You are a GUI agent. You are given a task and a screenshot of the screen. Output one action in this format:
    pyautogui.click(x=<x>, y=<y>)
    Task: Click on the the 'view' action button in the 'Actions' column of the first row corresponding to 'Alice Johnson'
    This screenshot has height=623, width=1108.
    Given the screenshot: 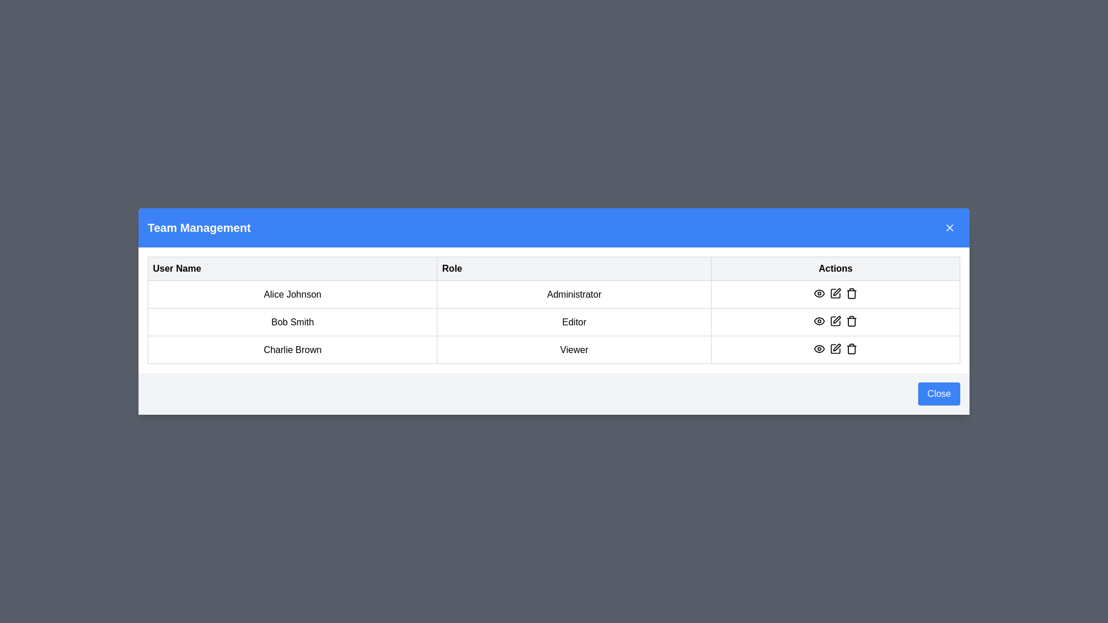 What is the action you would take?
    pyautogui.click(x=819, y=293)
    